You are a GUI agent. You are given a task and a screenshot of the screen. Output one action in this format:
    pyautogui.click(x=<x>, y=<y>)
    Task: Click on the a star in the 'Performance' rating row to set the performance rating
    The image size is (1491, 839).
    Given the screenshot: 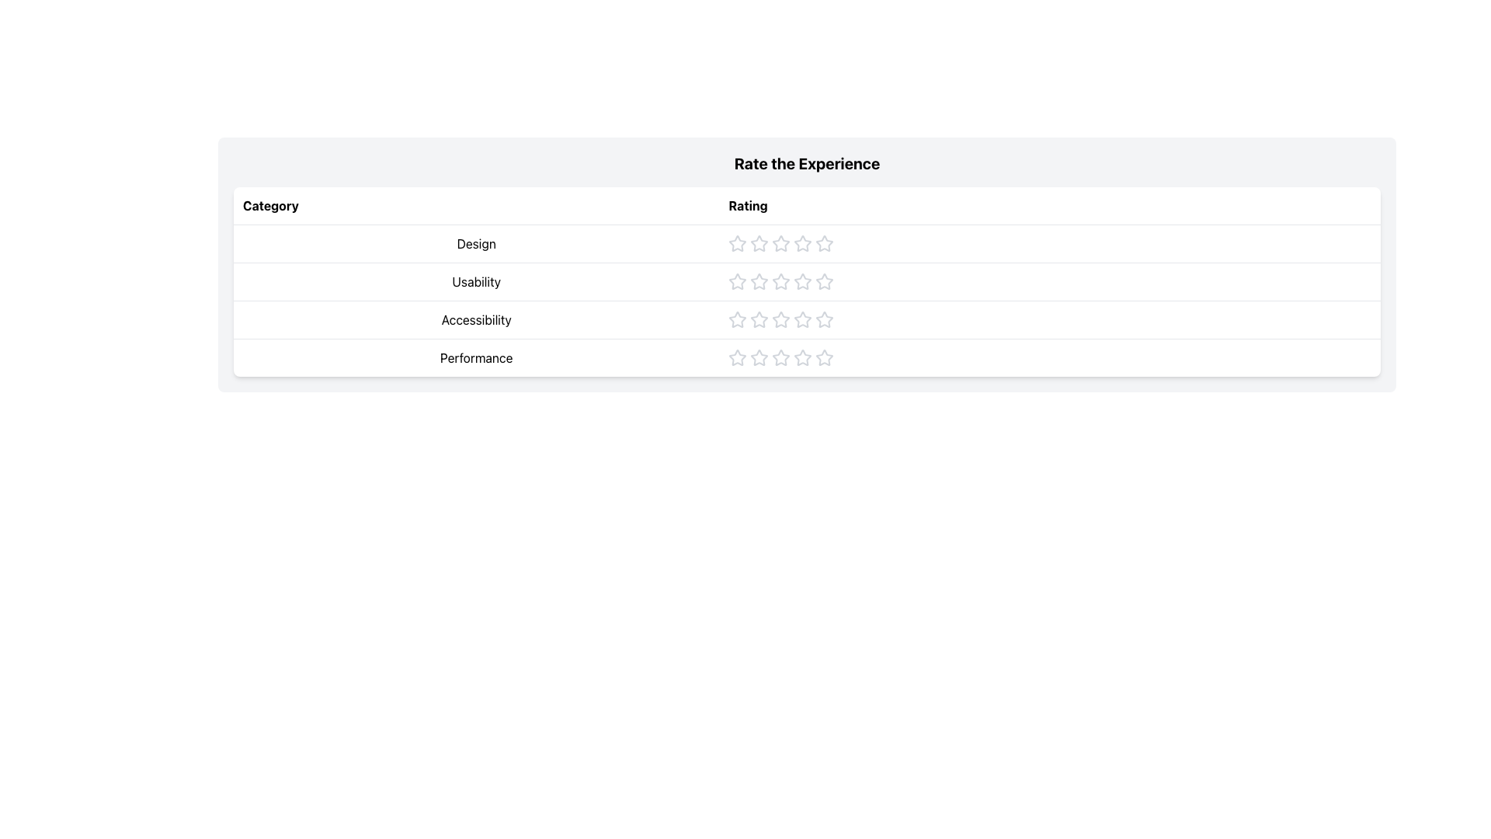 What is the action you would take?
    pyautogui.click(x=1050, y=357)
    